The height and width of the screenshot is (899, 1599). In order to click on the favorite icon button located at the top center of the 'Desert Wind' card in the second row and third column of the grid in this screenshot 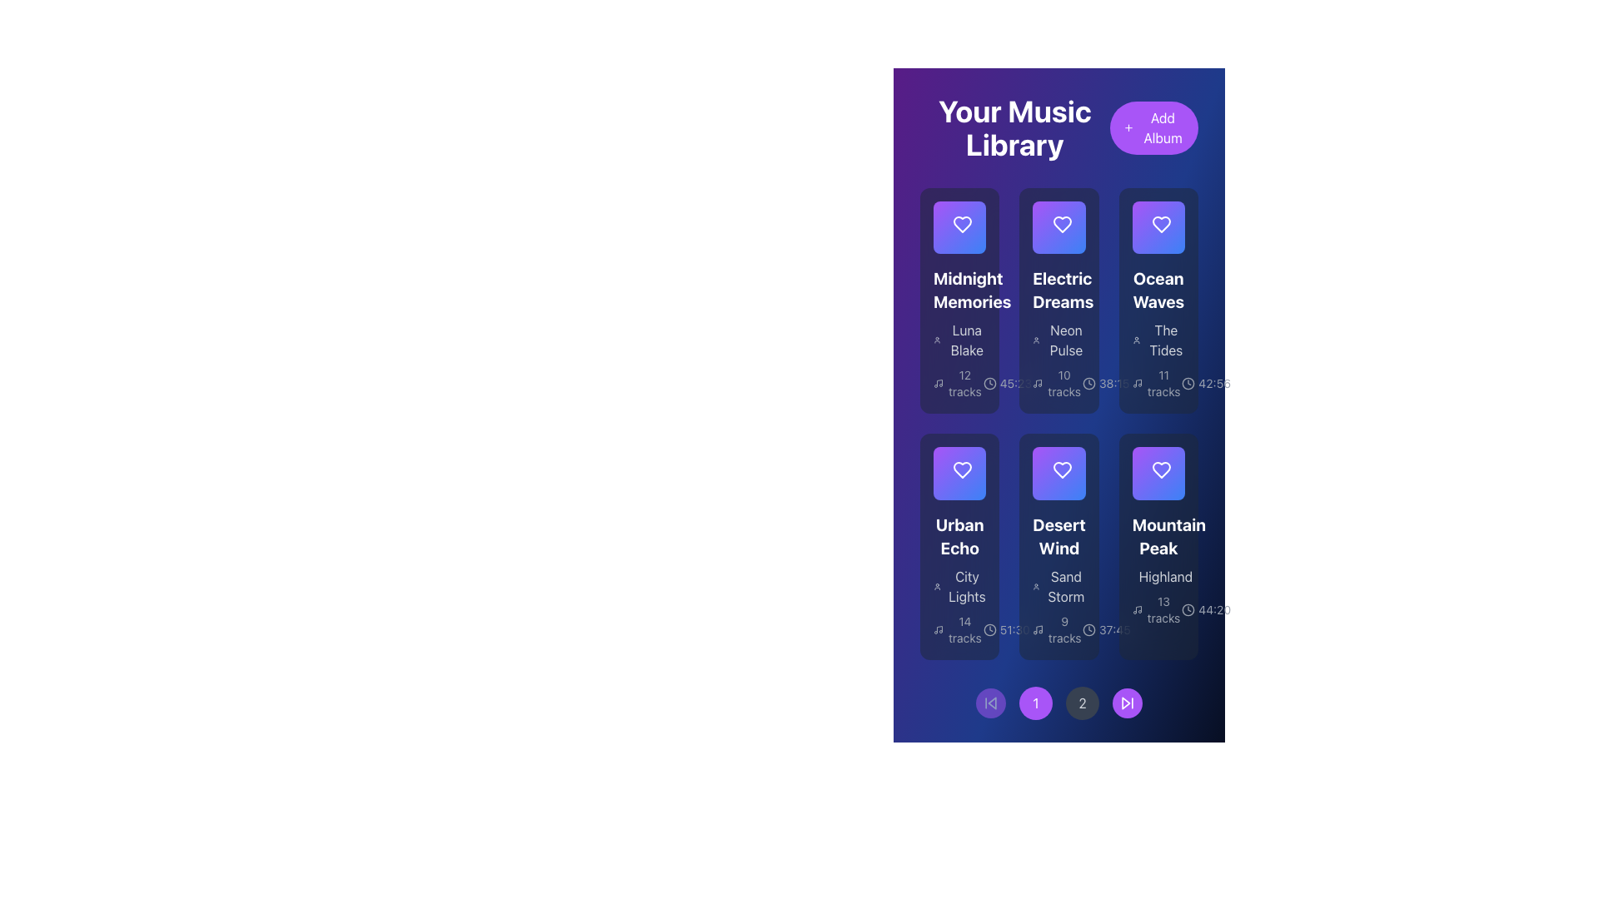, I will do `click(1059, 474)`.